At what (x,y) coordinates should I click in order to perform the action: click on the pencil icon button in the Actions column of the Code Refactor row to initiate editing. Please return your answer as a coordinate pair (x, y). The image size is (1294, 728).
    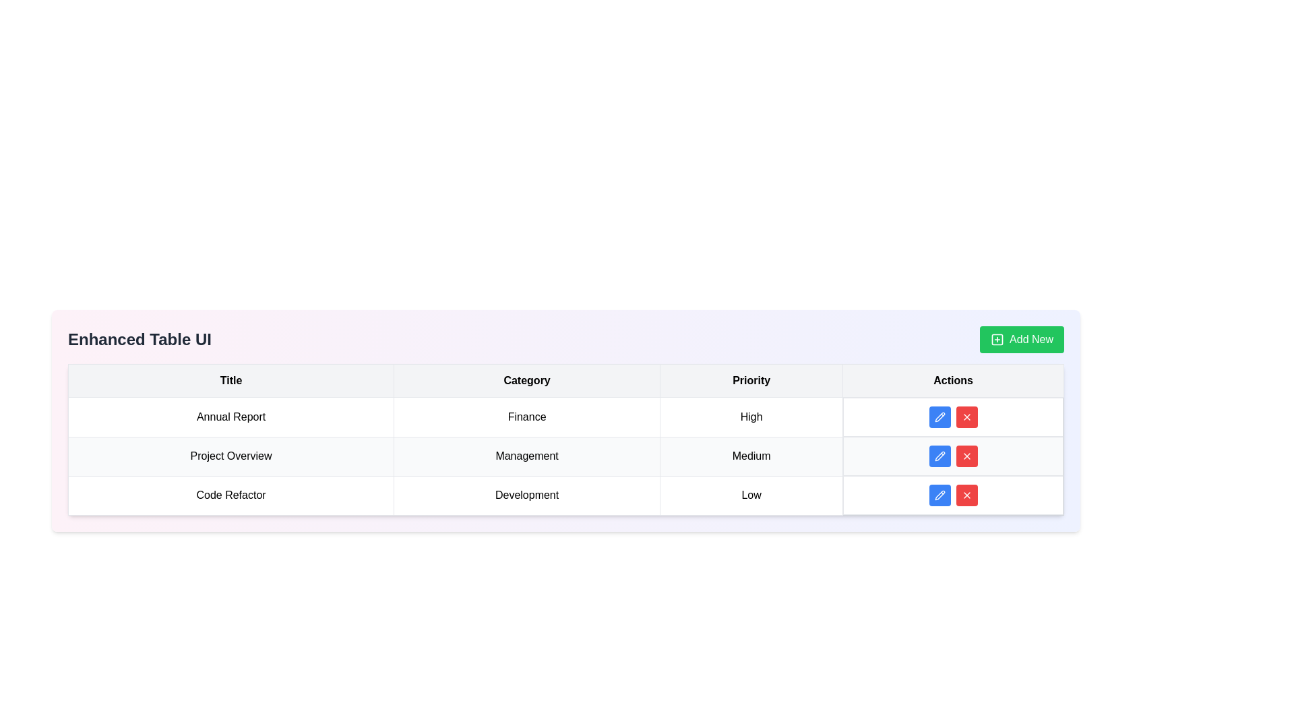
    Looking at the image, I should click on (939, 495).